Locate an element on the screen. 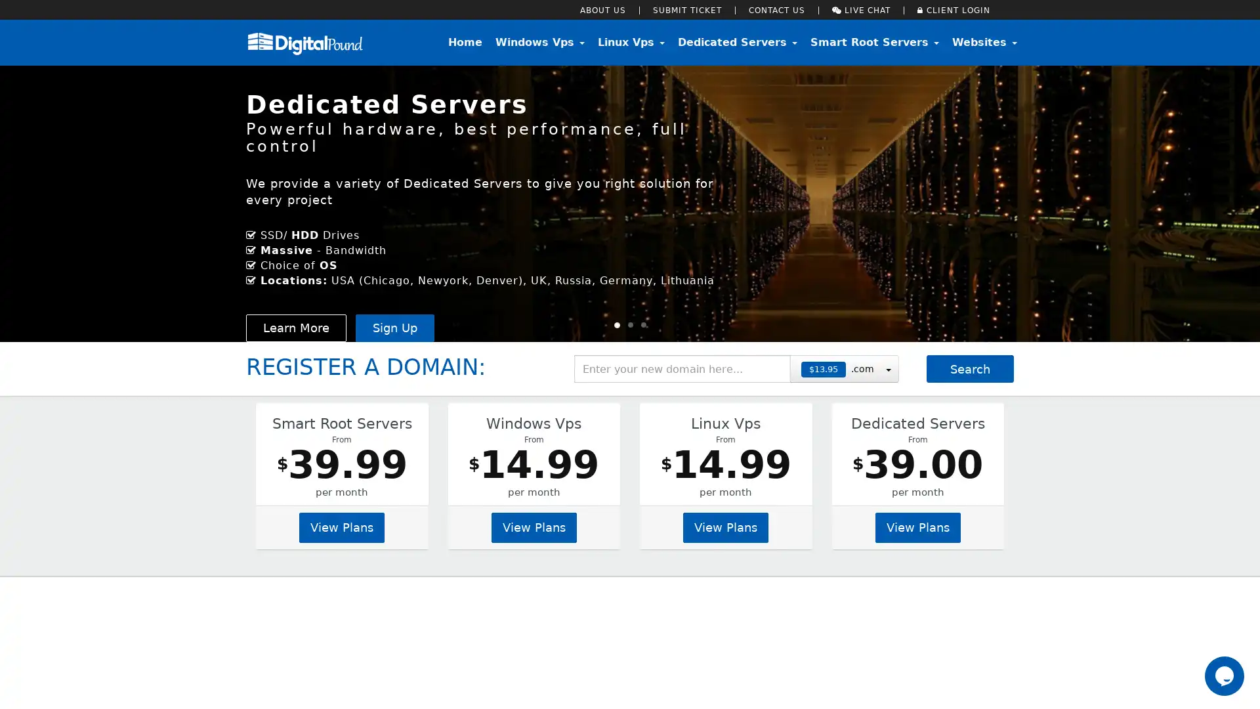  View Plans is located at coordinates (724, 526).